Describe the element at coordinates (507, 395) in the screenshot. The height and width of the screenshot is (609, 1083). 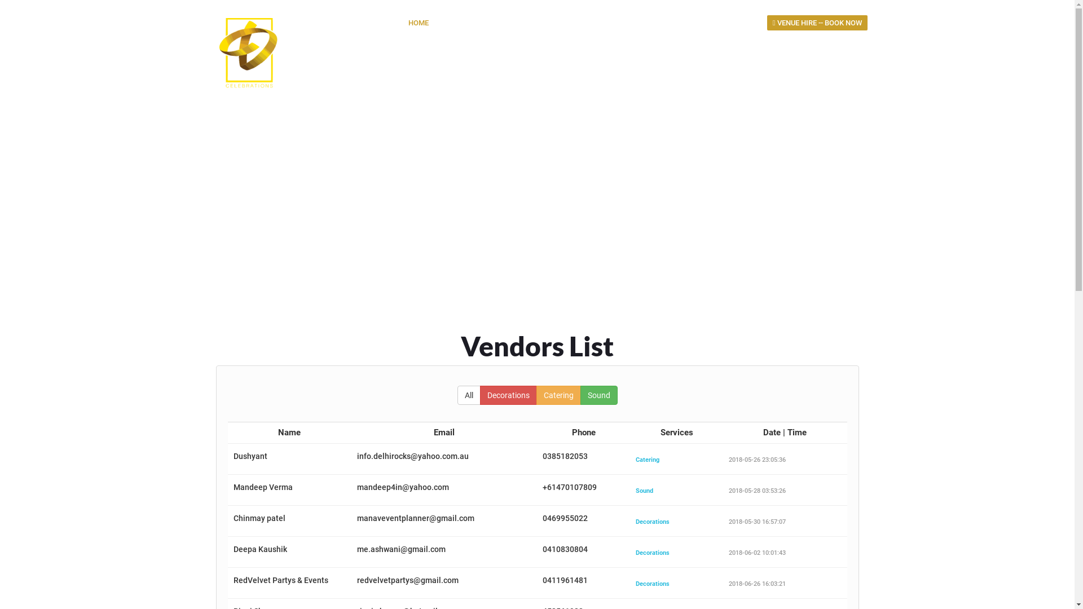
I see `'Decorations'` at that location.